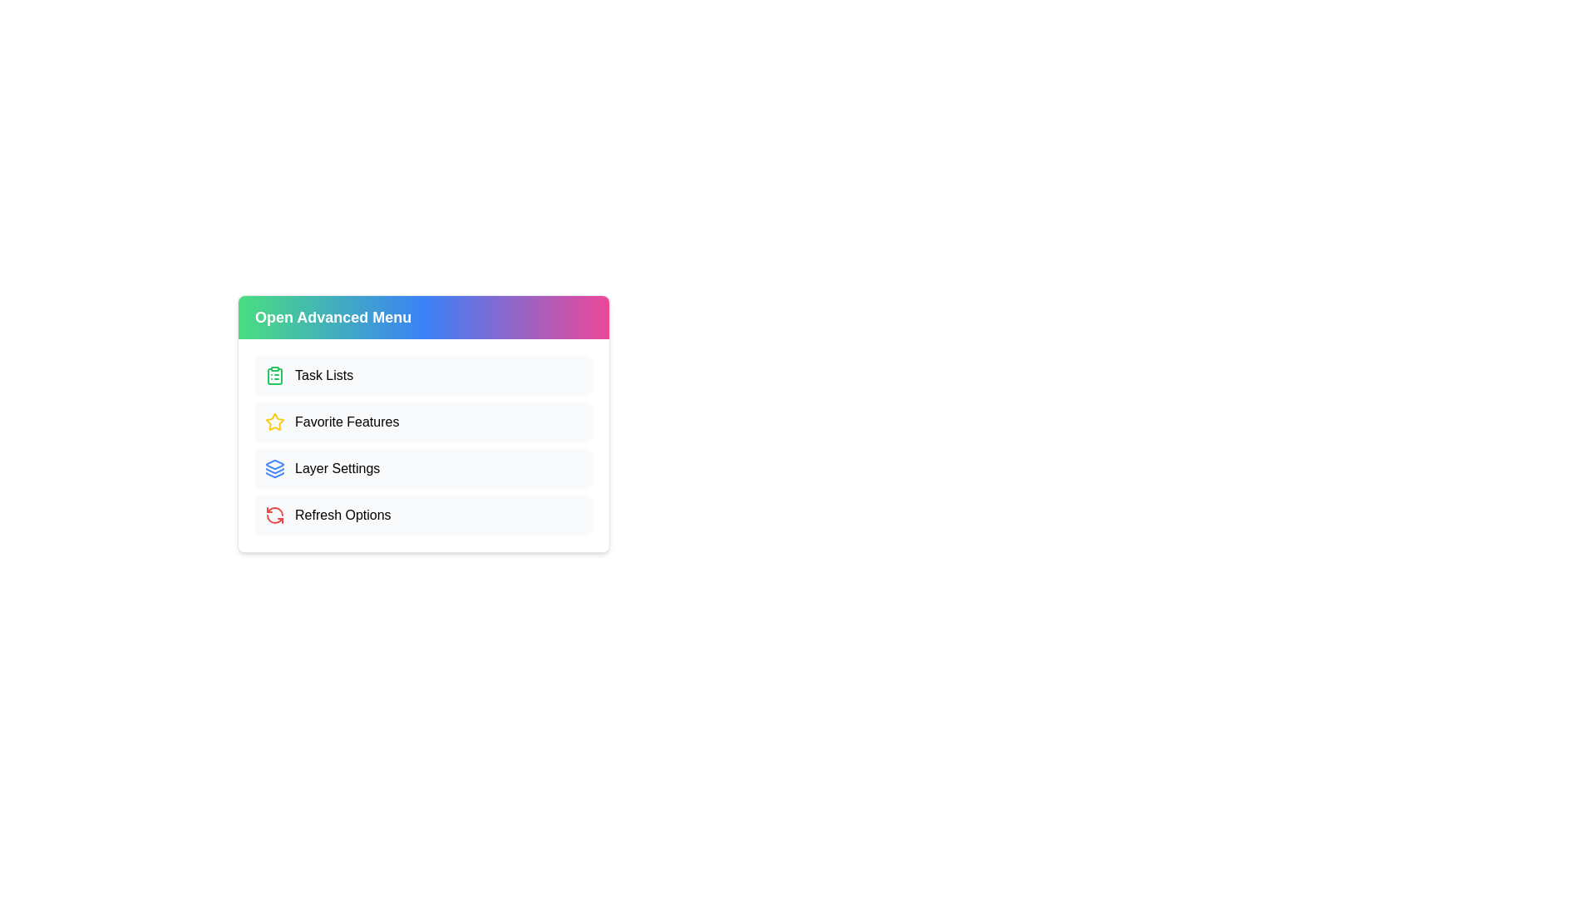 The width and height of the screenshot is (1596, 898). Describe the element at coordinates (423, 515) in the screenshot. I see `the 'Refresh Options' menu item` at that location.